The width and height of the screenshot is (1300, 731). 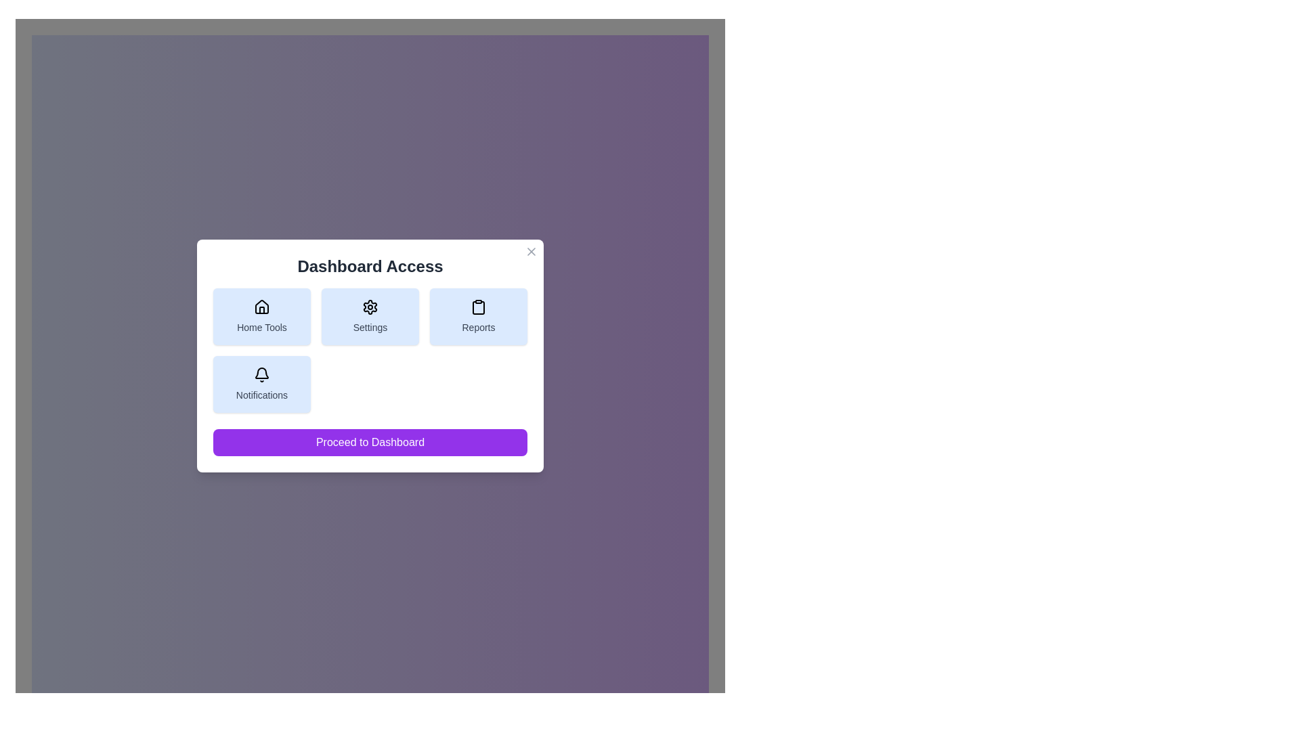 I want to click on the clipboard icon in the Reports section of the modal dialog as a visual cue, so click(x=478, y=308).